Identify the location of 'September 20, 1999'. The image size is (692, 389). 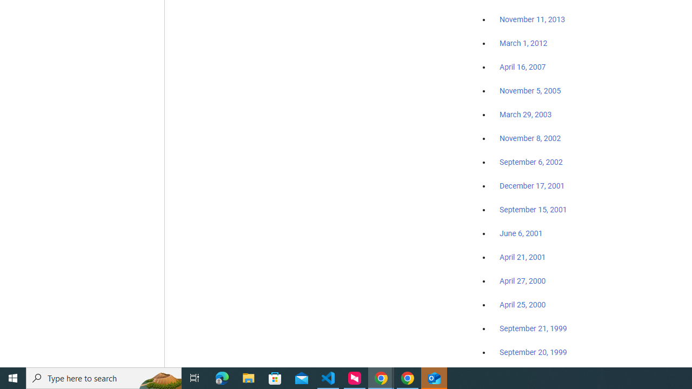
(533, 352).